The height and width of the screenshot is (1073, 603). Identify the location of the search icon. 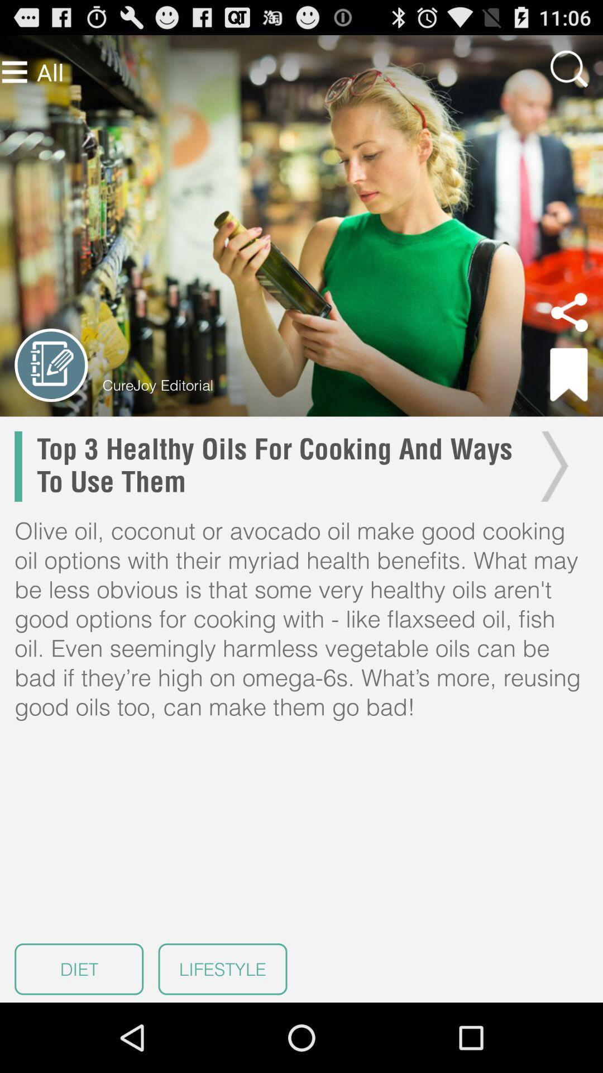
(569, 73).